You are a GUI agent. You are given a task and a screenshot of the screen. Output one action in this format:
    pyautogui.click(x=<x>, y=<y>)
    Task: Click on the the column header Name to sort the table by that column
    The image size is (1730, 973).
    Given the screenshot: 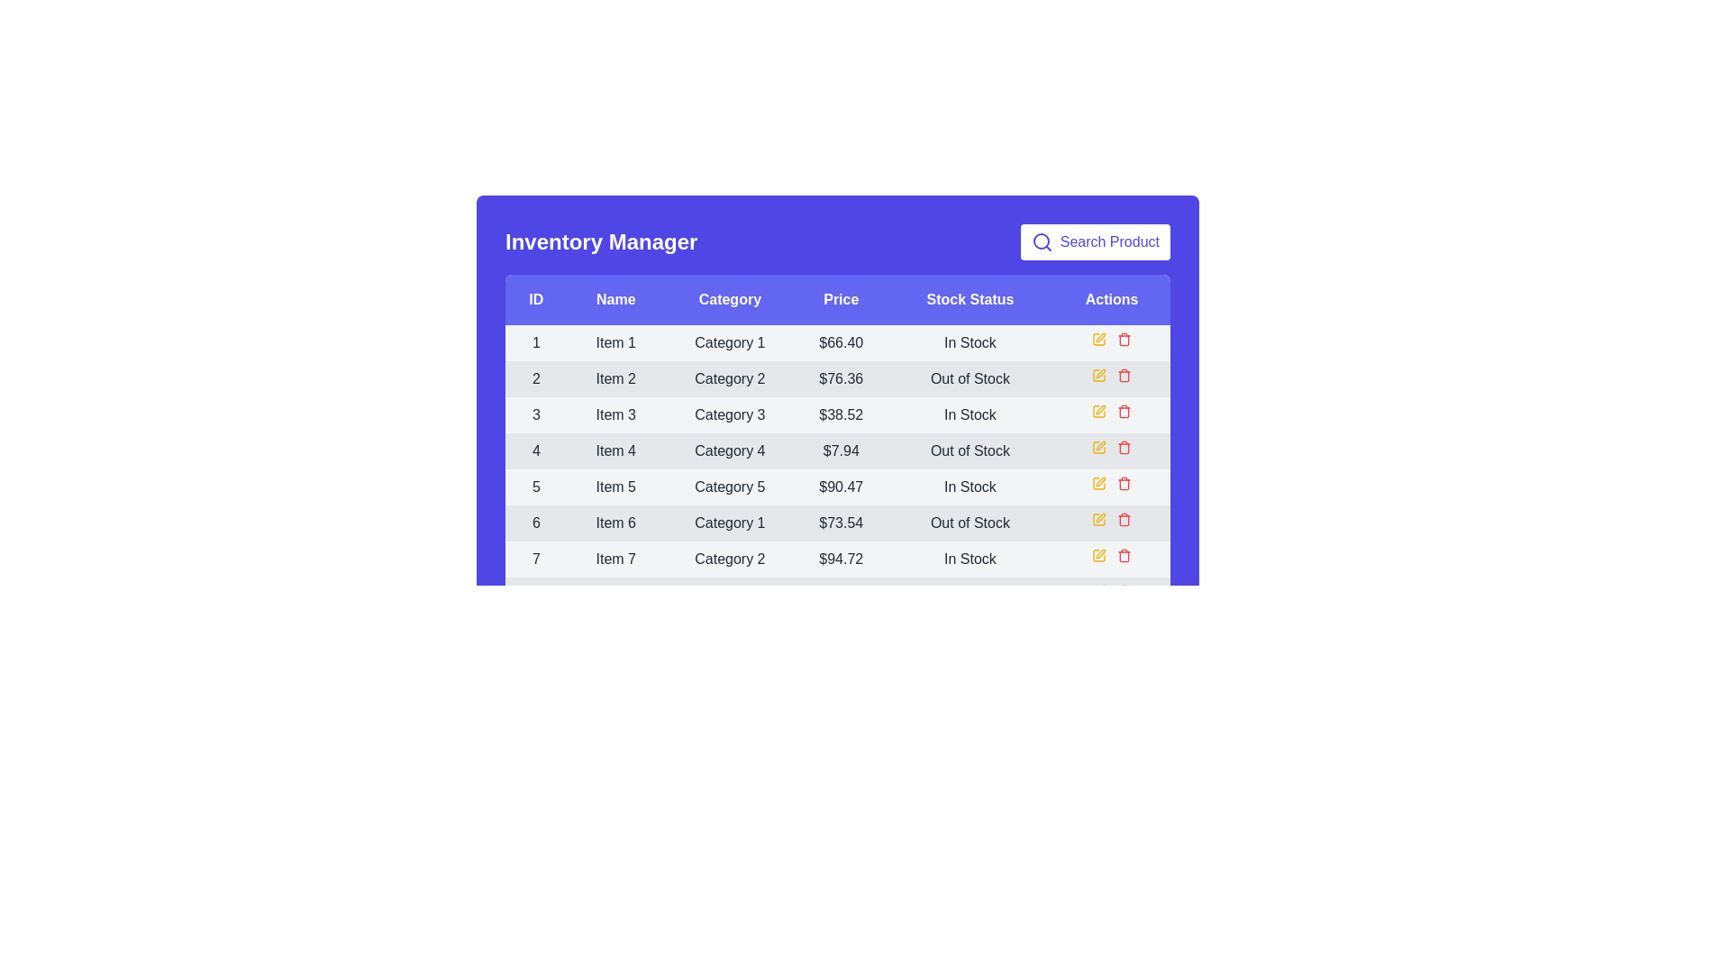 What is the action you would take?
    pyautogui.click(x=615, y=298)
    